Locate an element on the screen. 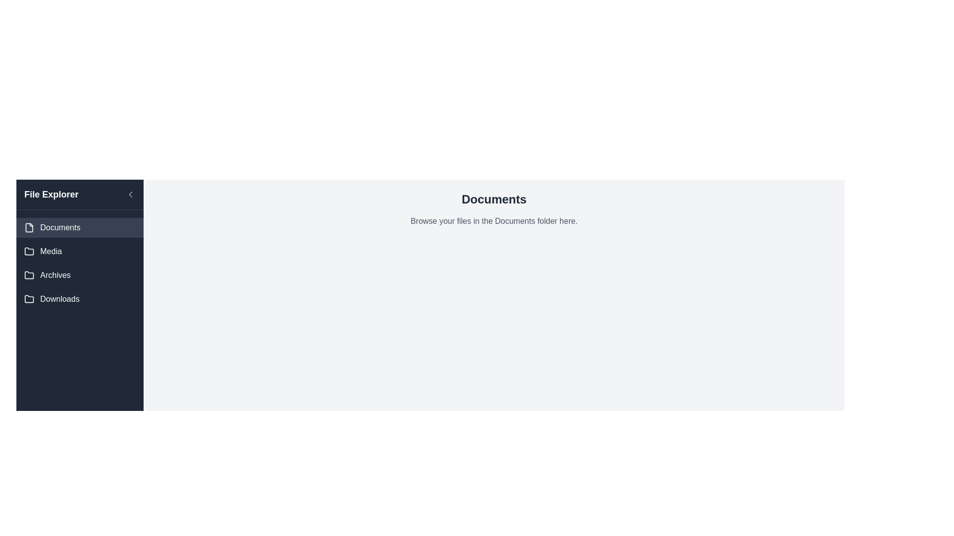  the folder icon labeled 'Archives' located in the left-side navigation menu, which is the third icon from the top is located at coordinates (29, 275).